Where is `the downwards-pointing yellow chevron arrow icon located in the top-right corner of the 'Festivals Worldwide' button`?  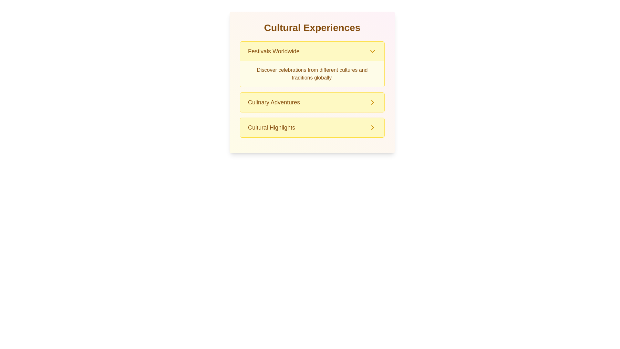
the downwards-pointing yellow chevron arrow icon located in the top-right corner of the 'Festivals Worldwide' button is located at coordinates (372, 51).